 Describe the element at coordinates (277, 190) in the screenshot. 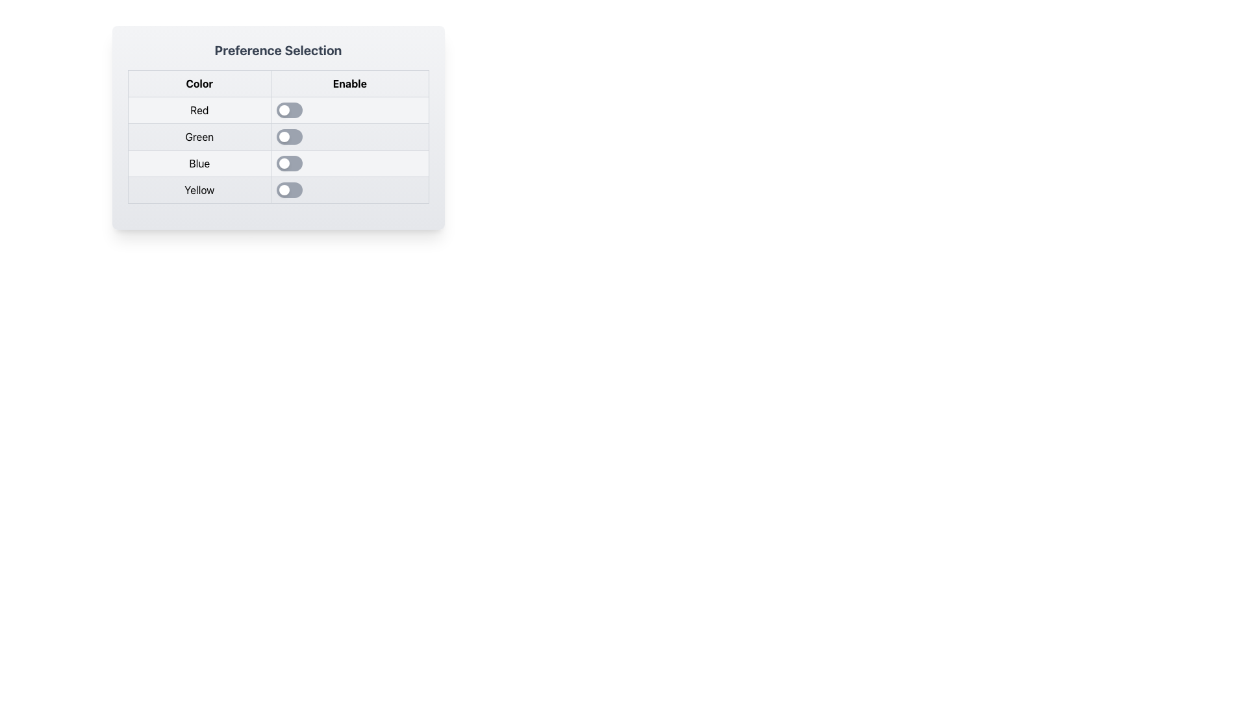

I see `the toggle switch for the 'Yellow' preference located in the fourth row of the 'Preference Selection' table` at that location.